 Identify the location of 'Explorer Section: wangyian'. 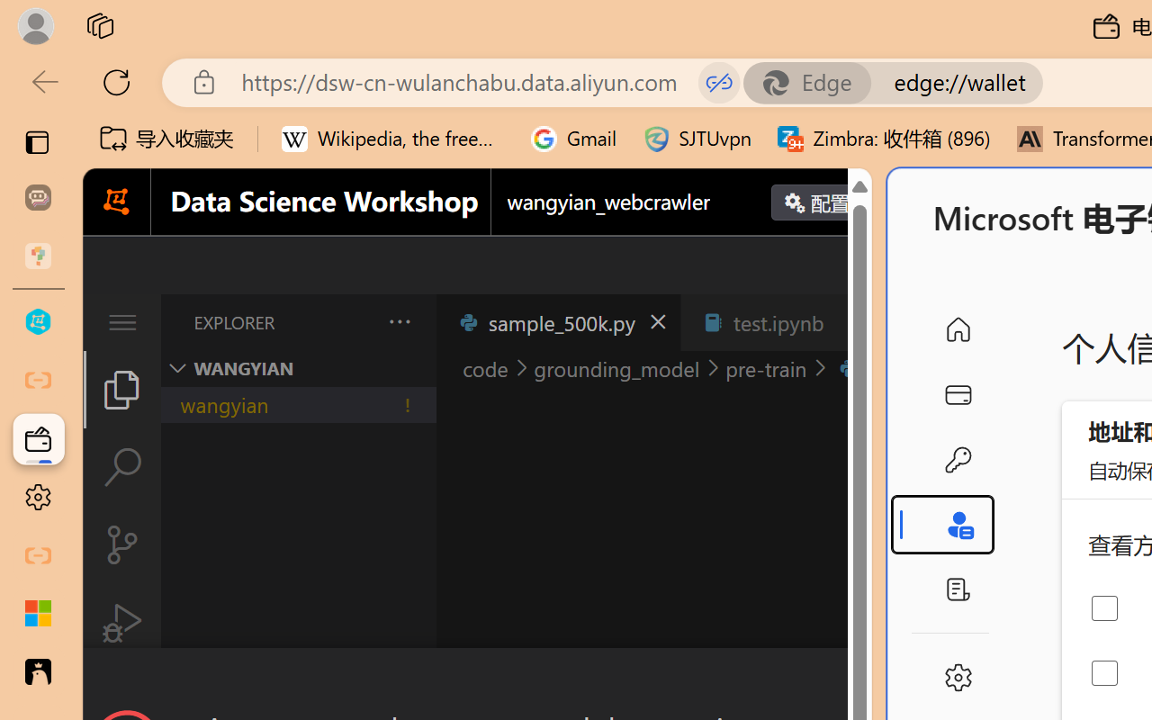
(298, 368).